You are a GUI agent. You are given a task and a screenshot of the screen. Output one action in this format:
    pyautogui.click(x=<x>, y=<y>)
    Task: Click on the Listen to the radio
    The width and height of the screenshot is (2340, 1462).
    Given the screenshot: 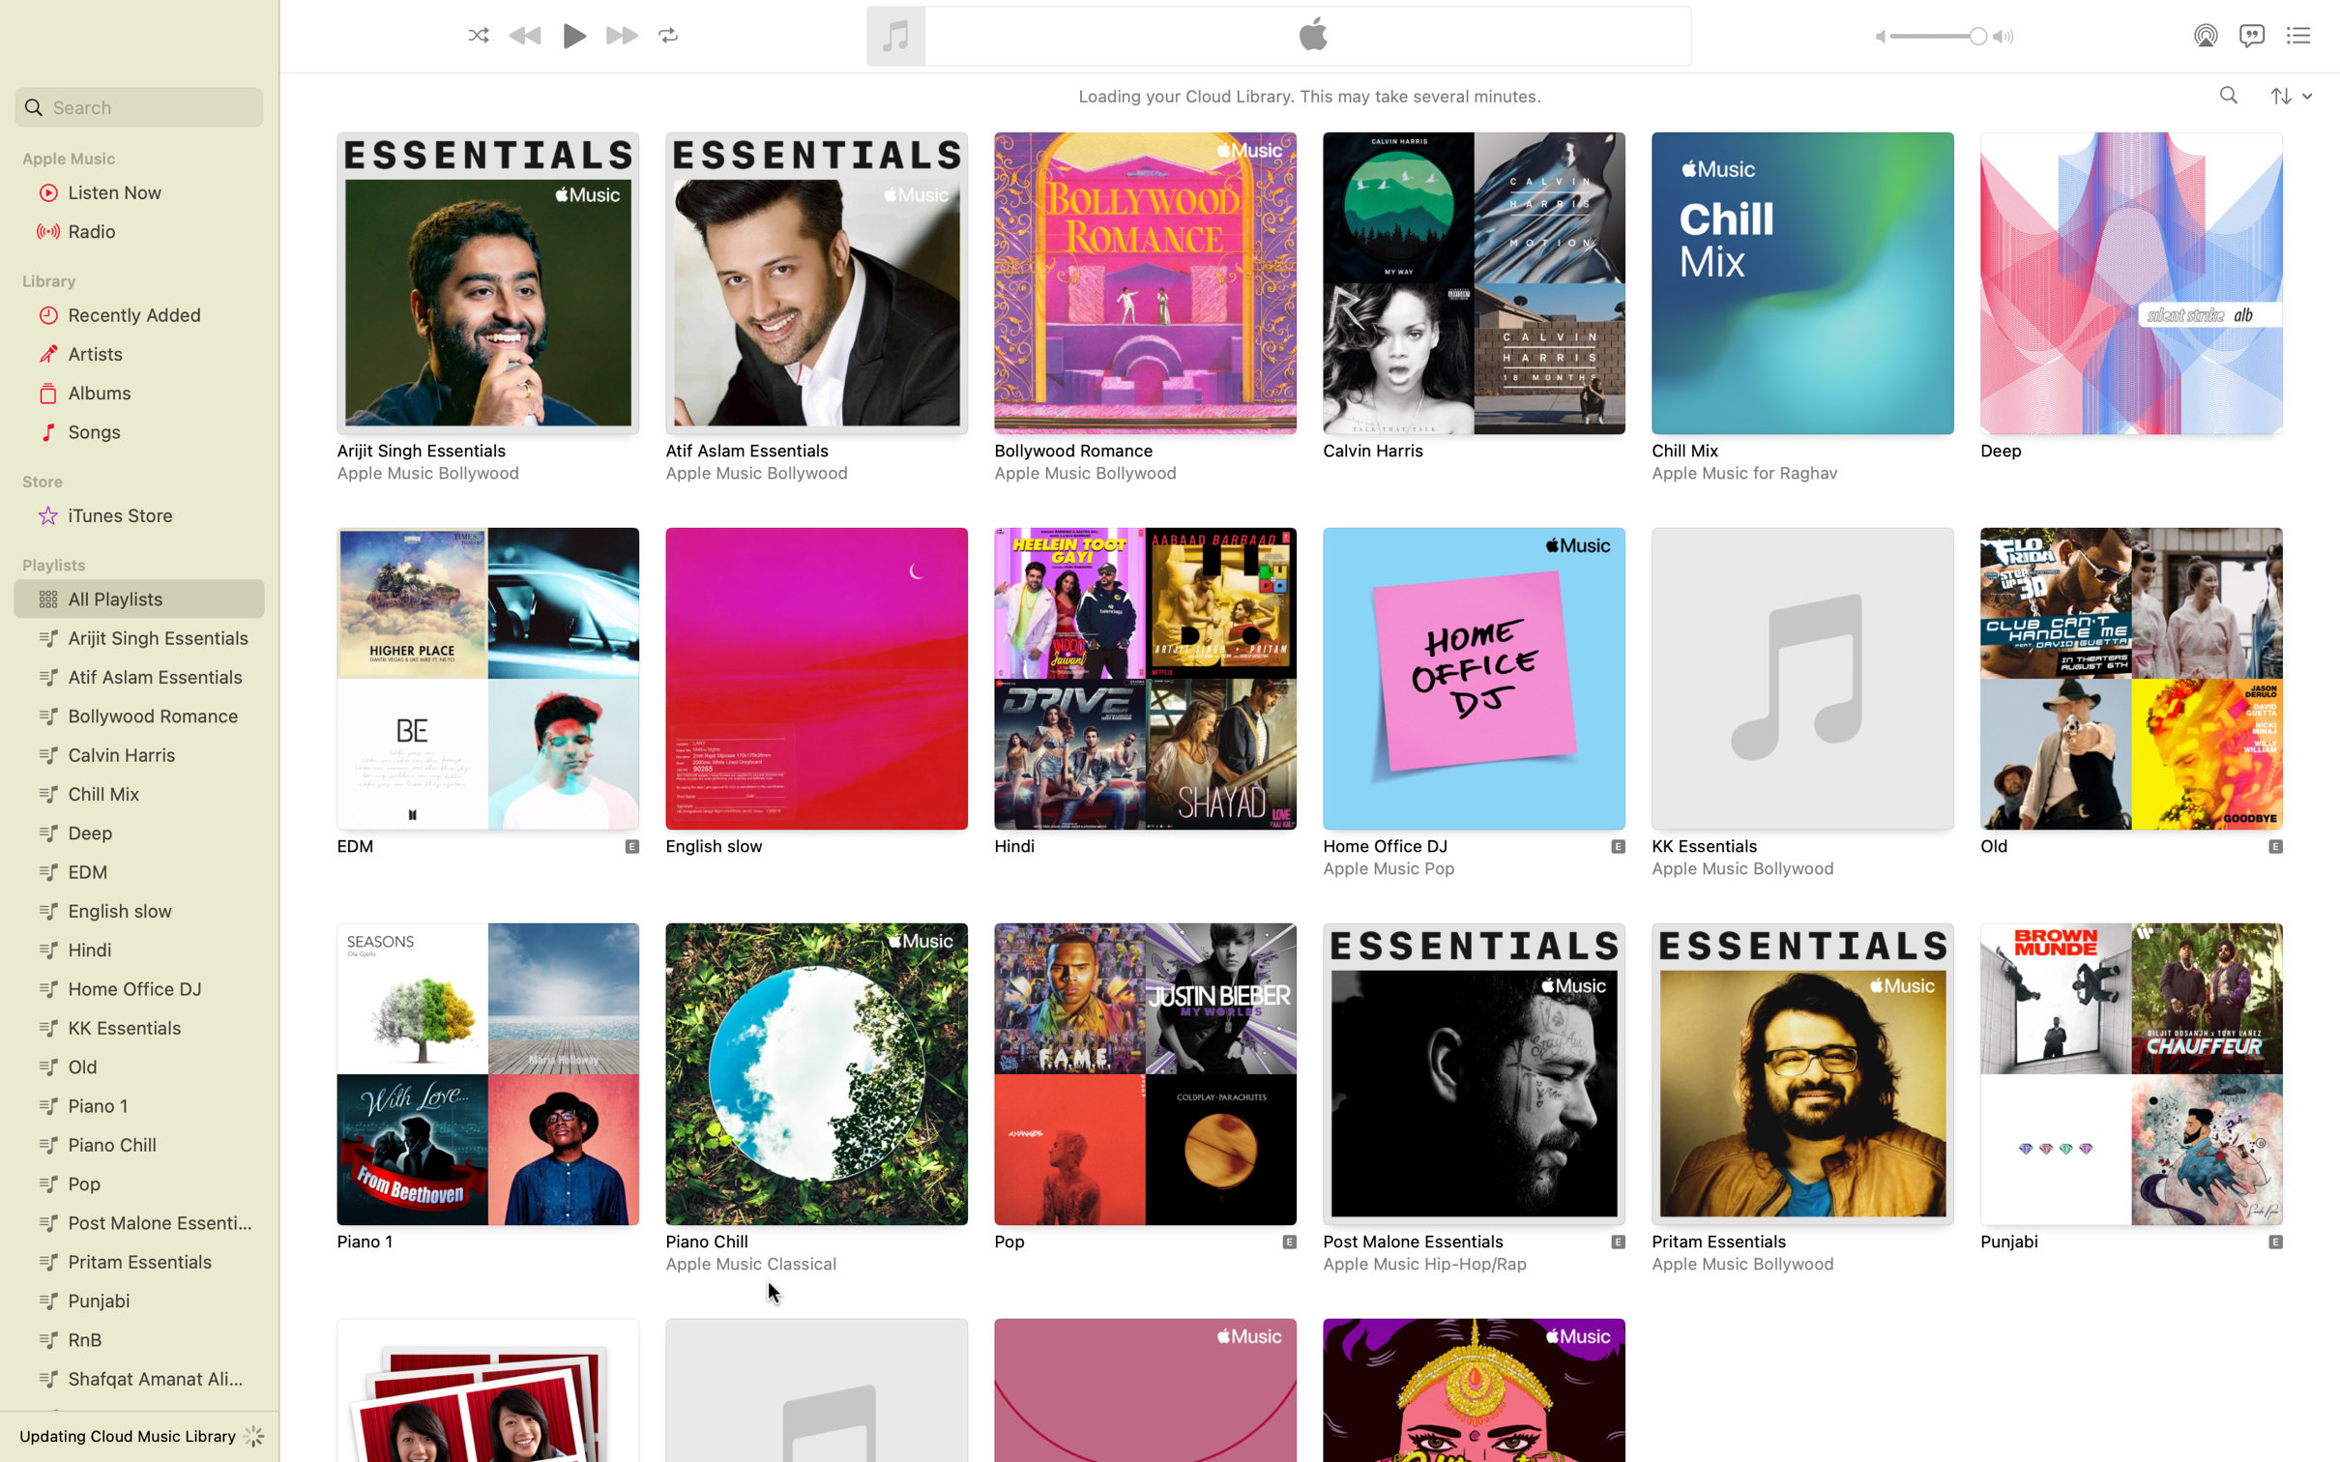 What is the action you would take?
    pyautogui.click(x=138, y=232)
    